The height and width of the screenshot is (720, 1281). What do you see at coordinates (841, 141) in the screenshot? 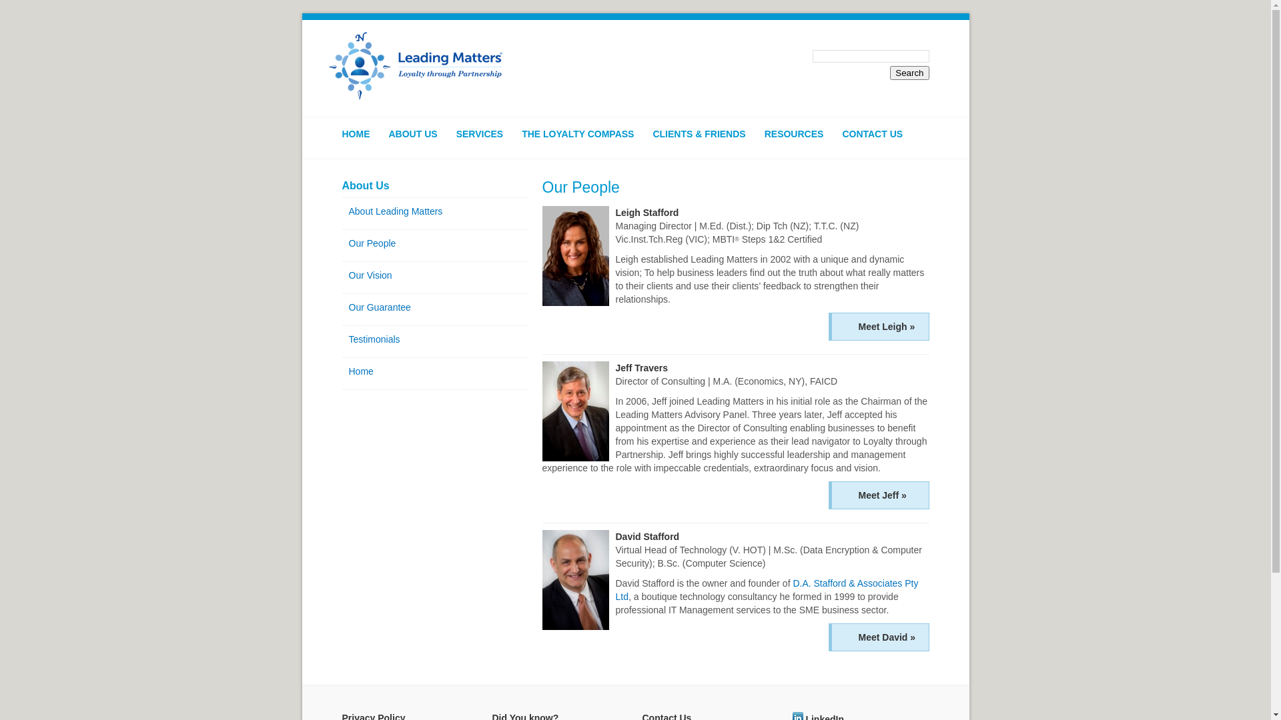
I see `'CONTACT US'` at bounding box center [841, 141].